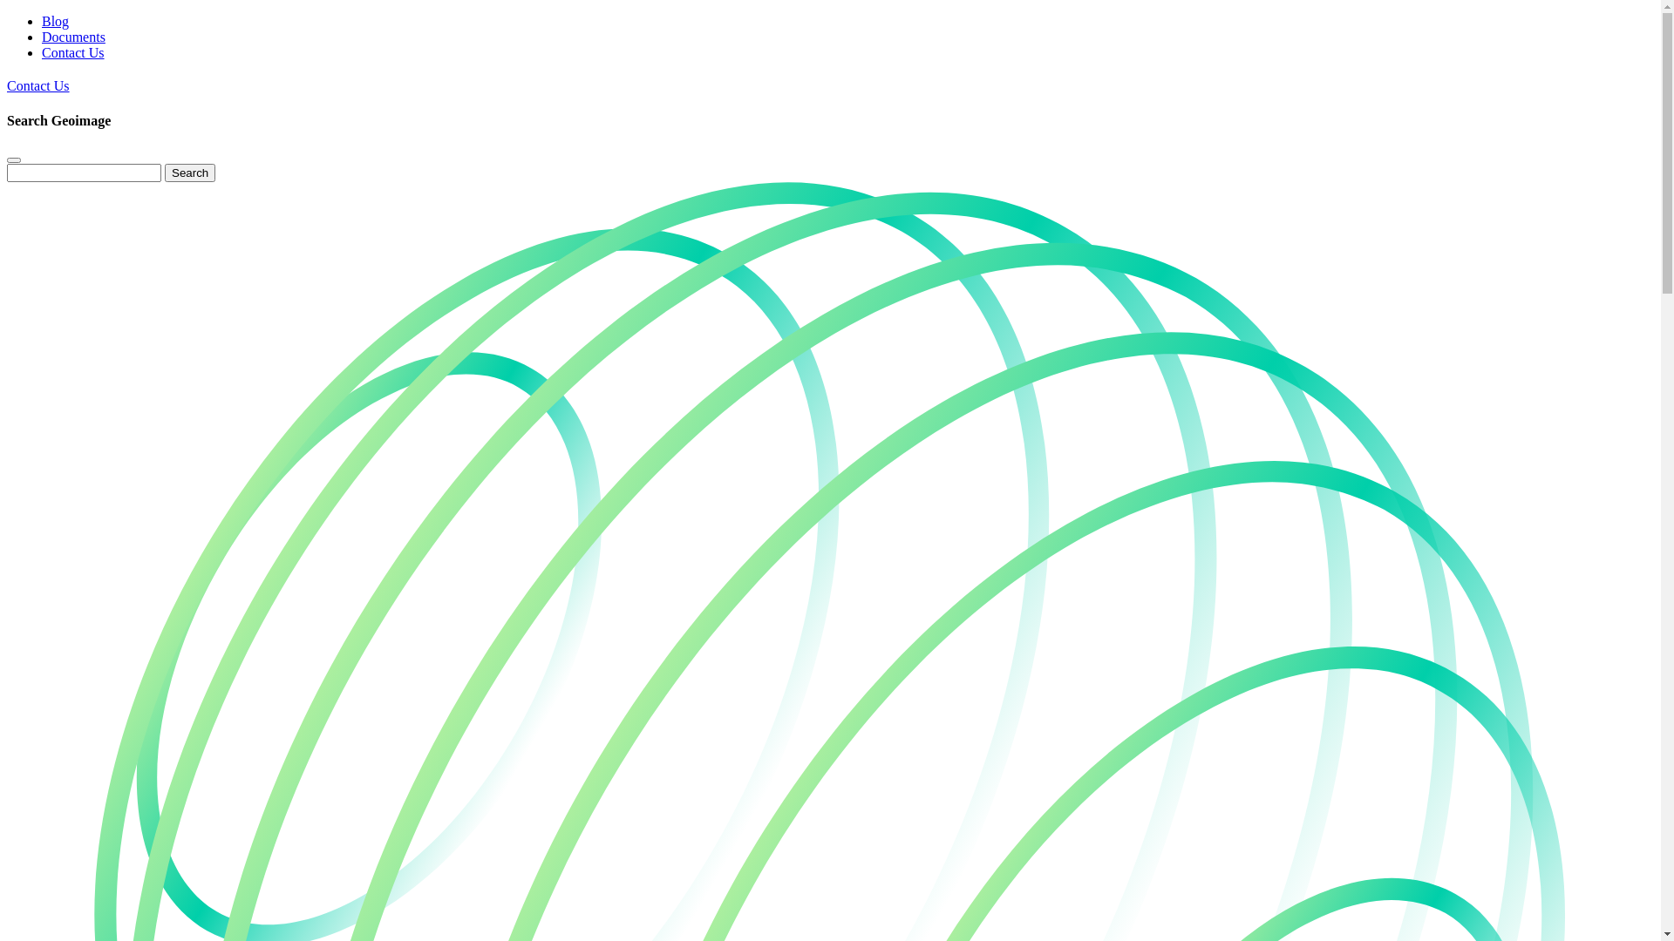 Image resolution: width=1674 pixels, height=941 pixels. Describe the element at coordinates (55, 21) in the screenshot. I see `'Blog'` at that location.